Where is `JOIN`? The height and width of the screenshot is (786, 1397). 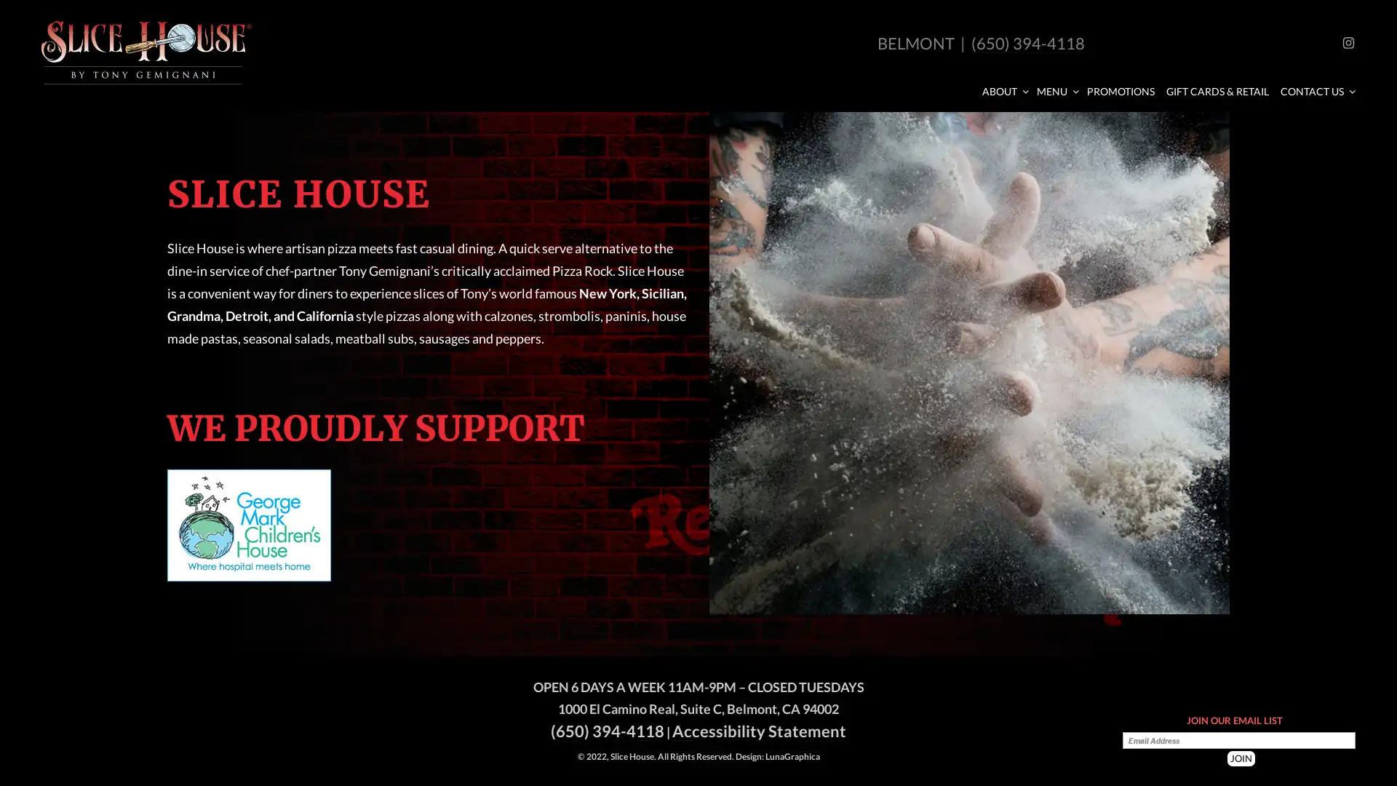
JOIN is located at coordinates (1240, 758).